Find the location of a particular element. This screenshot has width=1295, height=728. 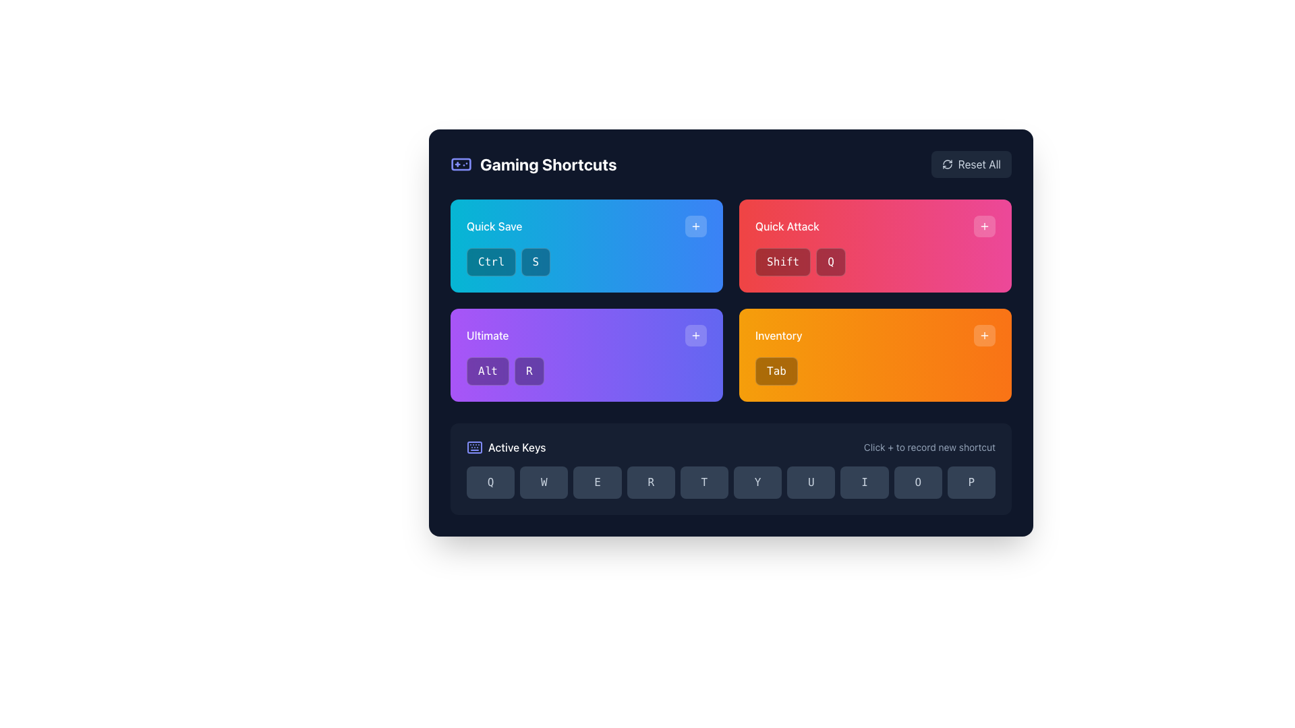

the icon located at the top-right corner of the purple section labeled 'Ultimate' is located at coordinates (696, 334).